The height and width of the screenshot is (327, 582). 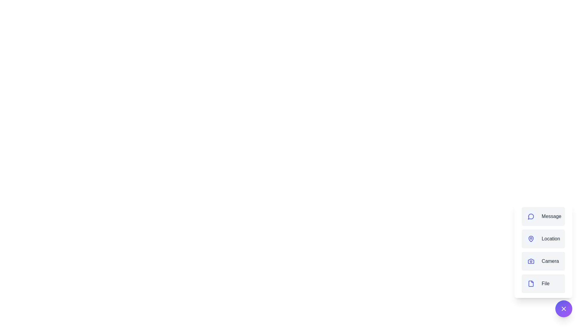 What do you see at coordinates (543, 216) in the screenshot?
I see `the action labeled Message` at bounding box center [543, 216].